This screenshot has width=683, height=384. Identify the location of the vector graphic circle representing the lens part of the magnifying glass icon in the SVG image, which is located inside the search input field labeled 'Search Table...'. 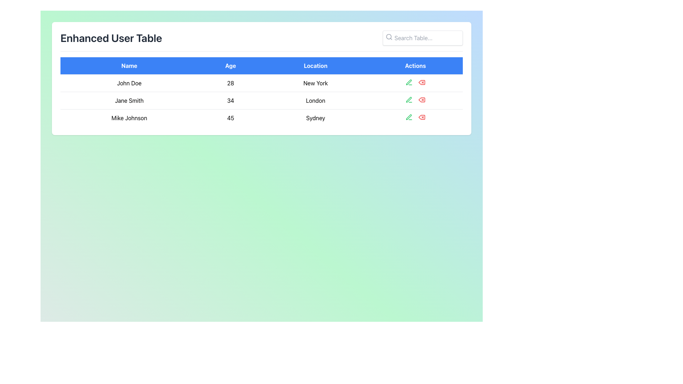
(388, 37).